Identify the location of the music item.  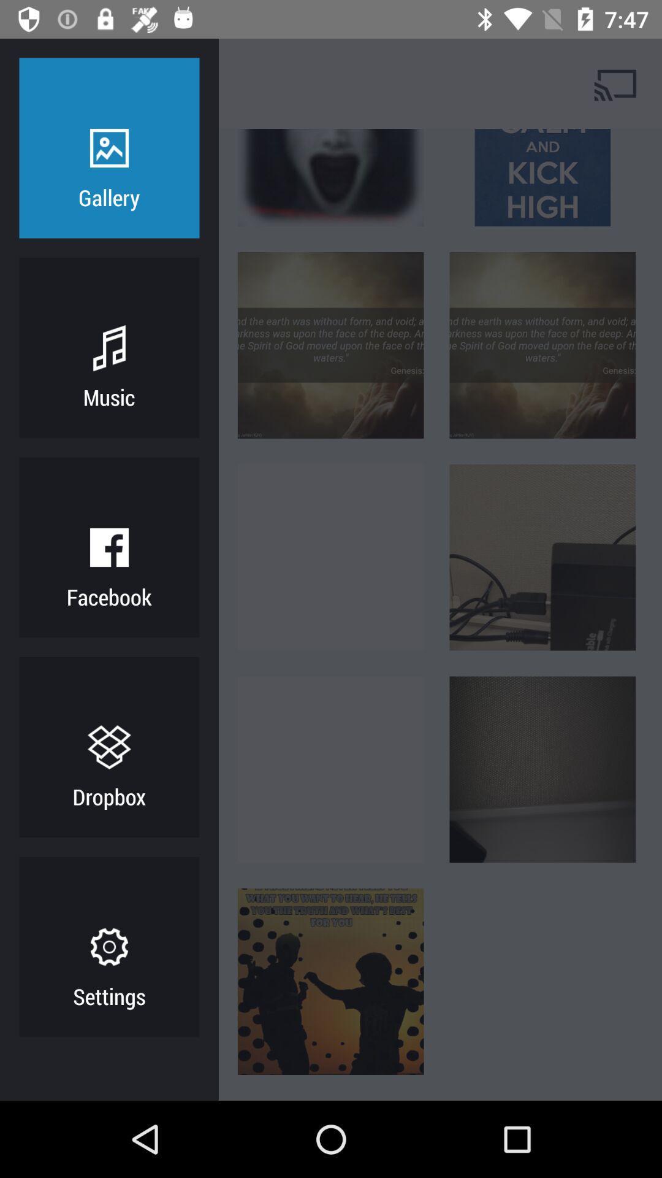
(108, 397).